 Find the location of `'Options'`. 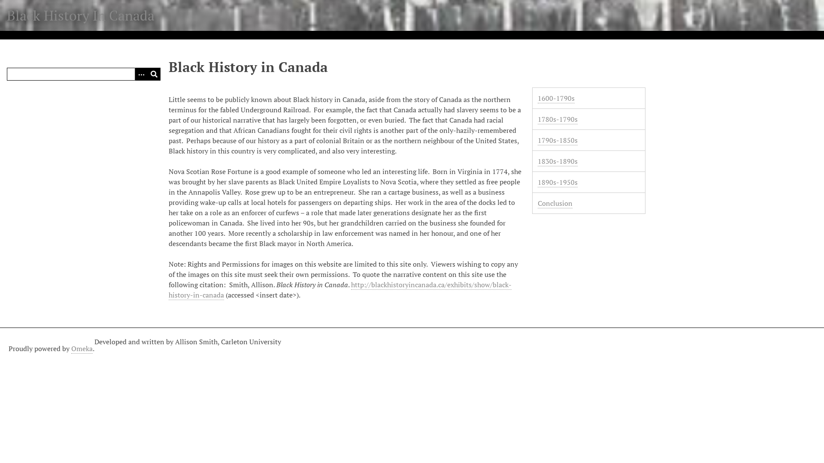

'Options' is located at coordinates (134, 74).